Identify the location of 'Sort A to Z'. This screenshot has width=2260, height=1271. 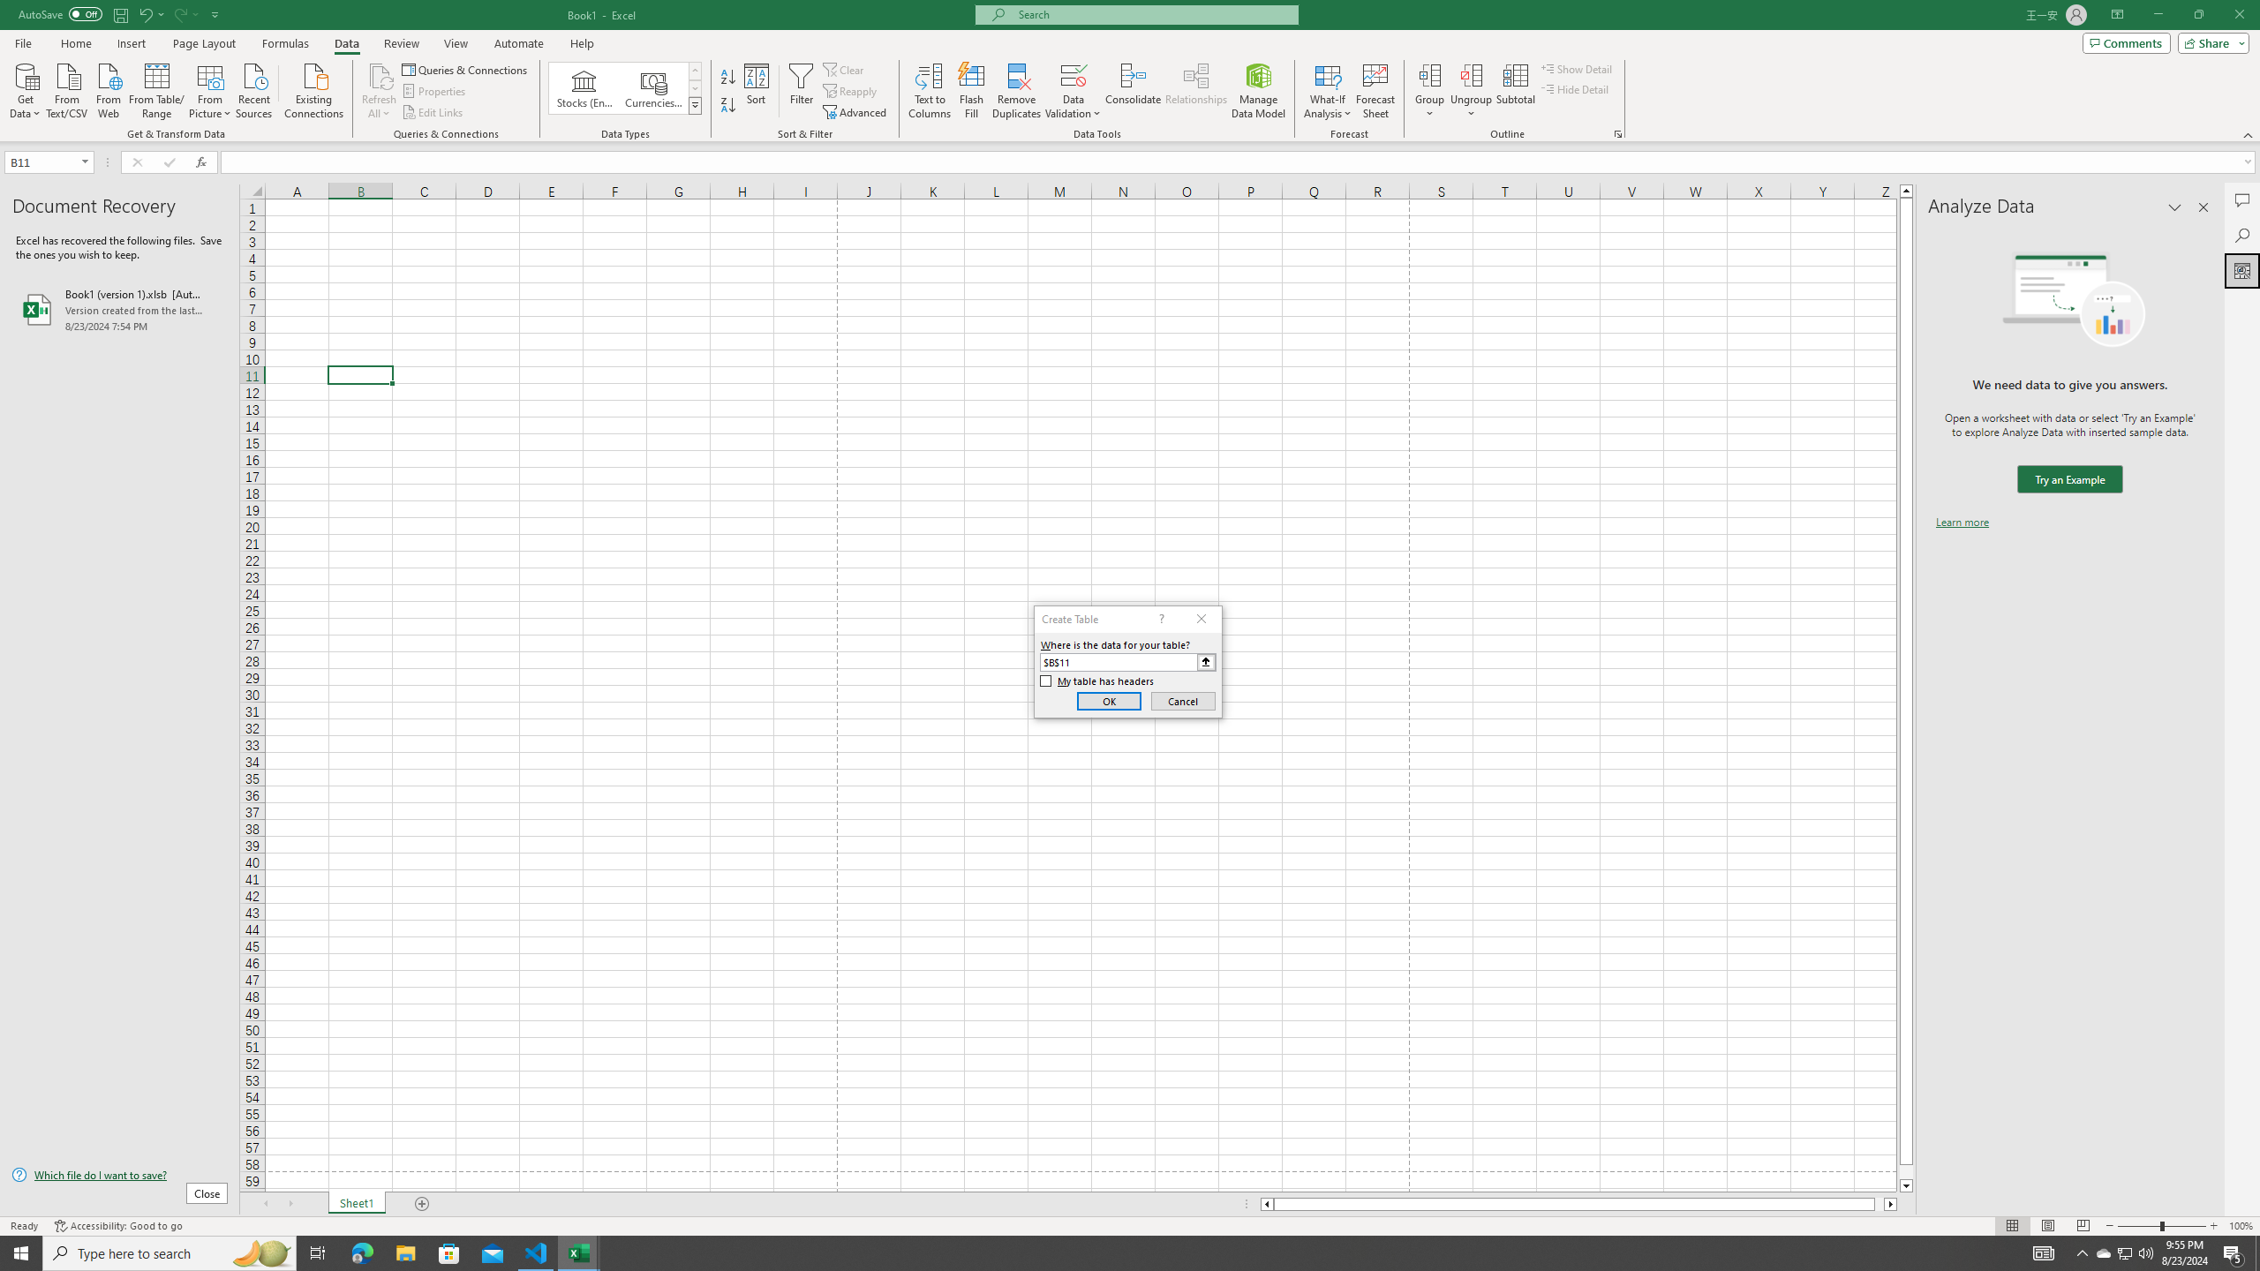
(727, 77).